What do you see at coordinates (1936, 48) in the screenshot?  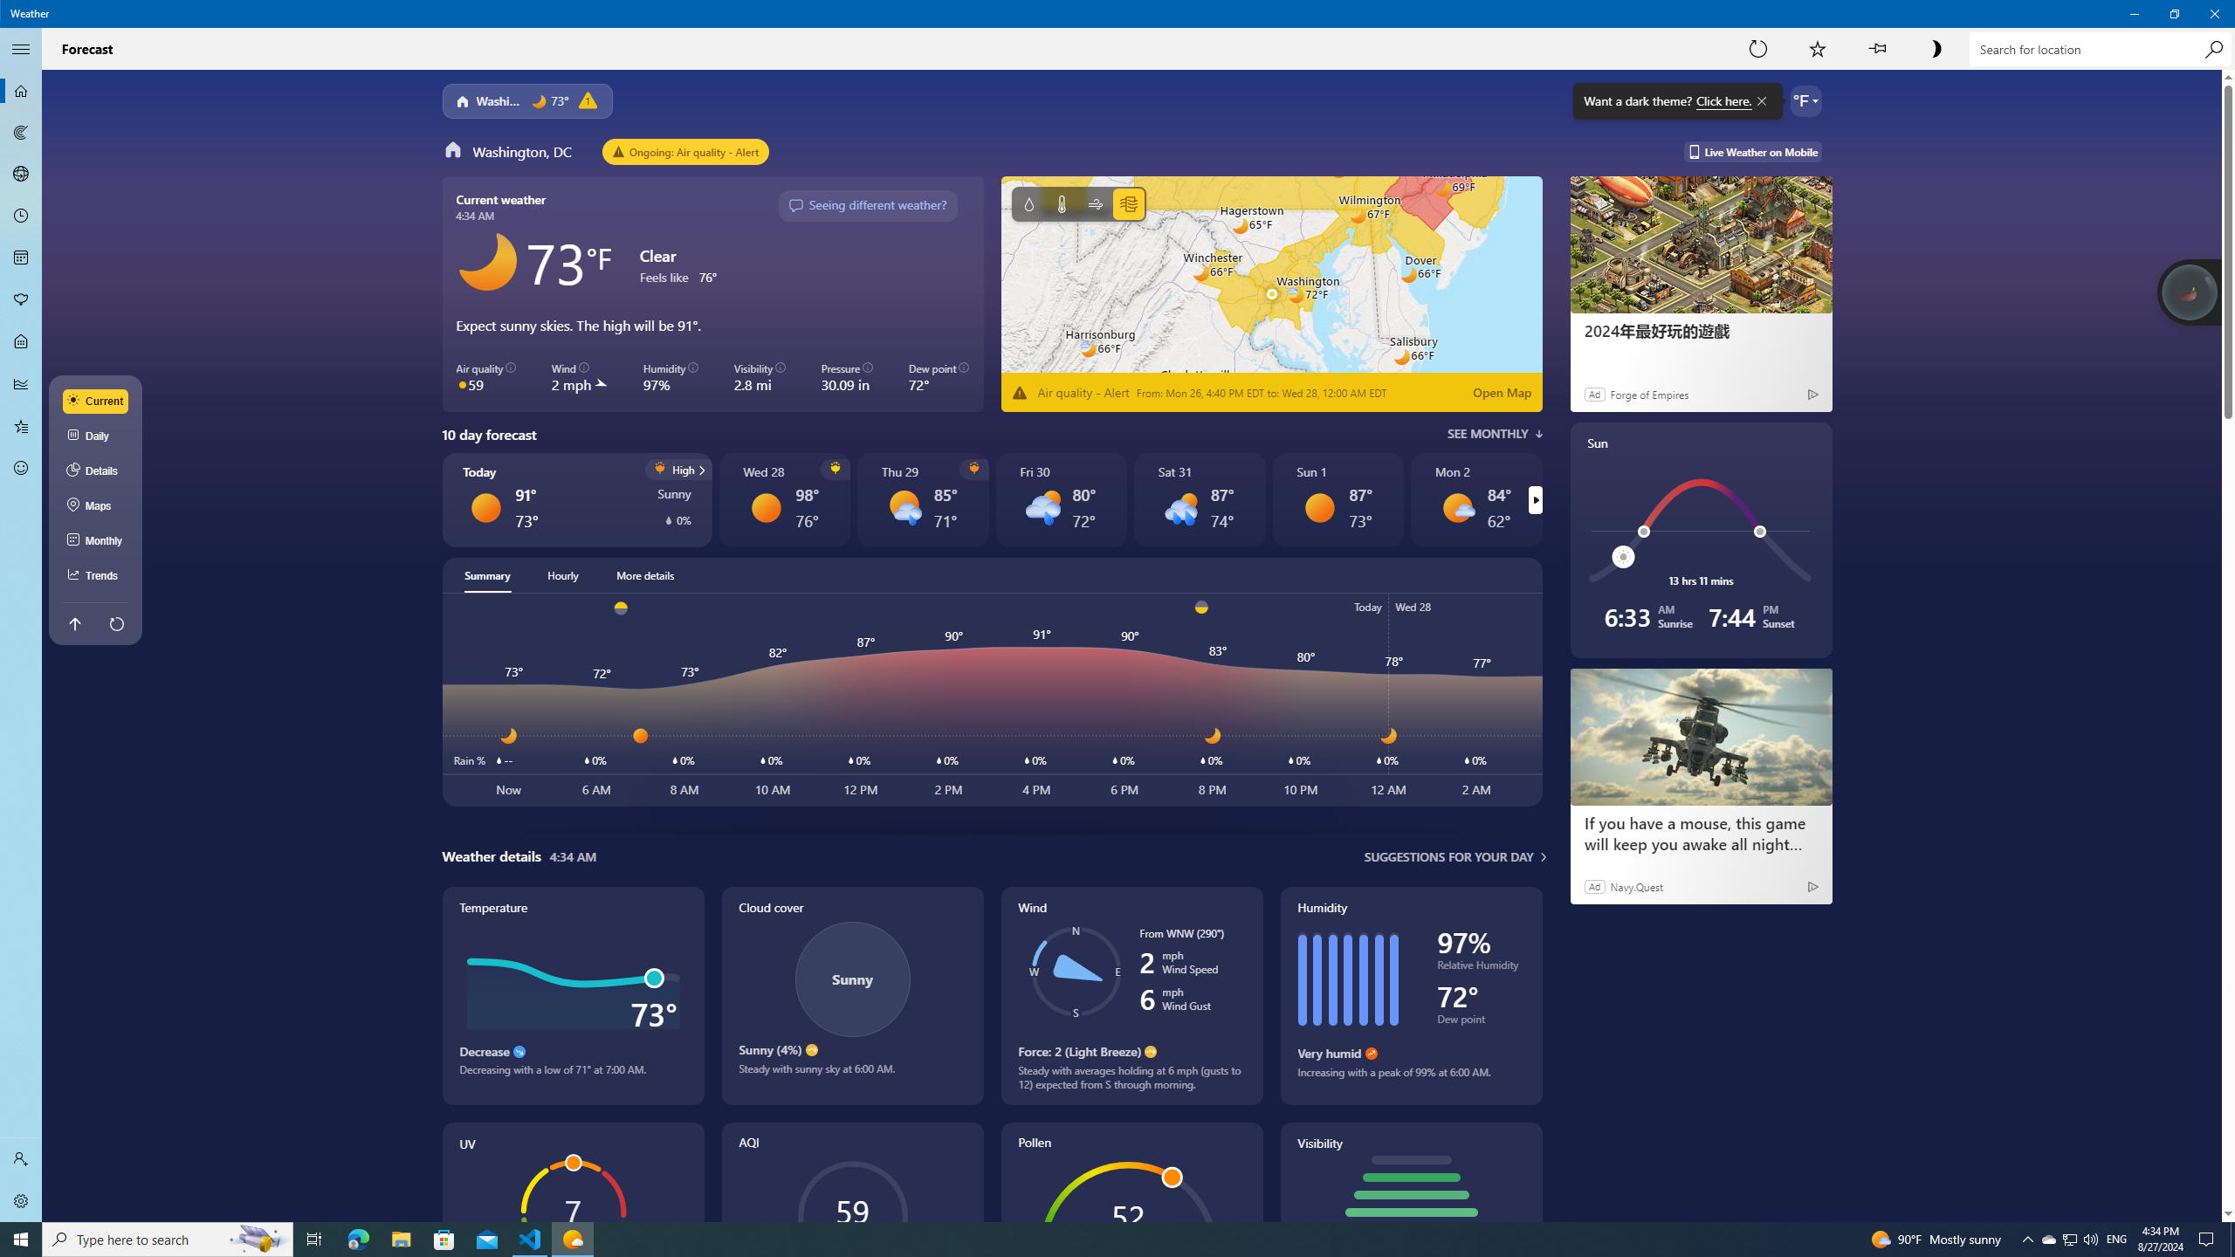 I see `'Turn on dark theme'` at bounding box center [1936, 48].